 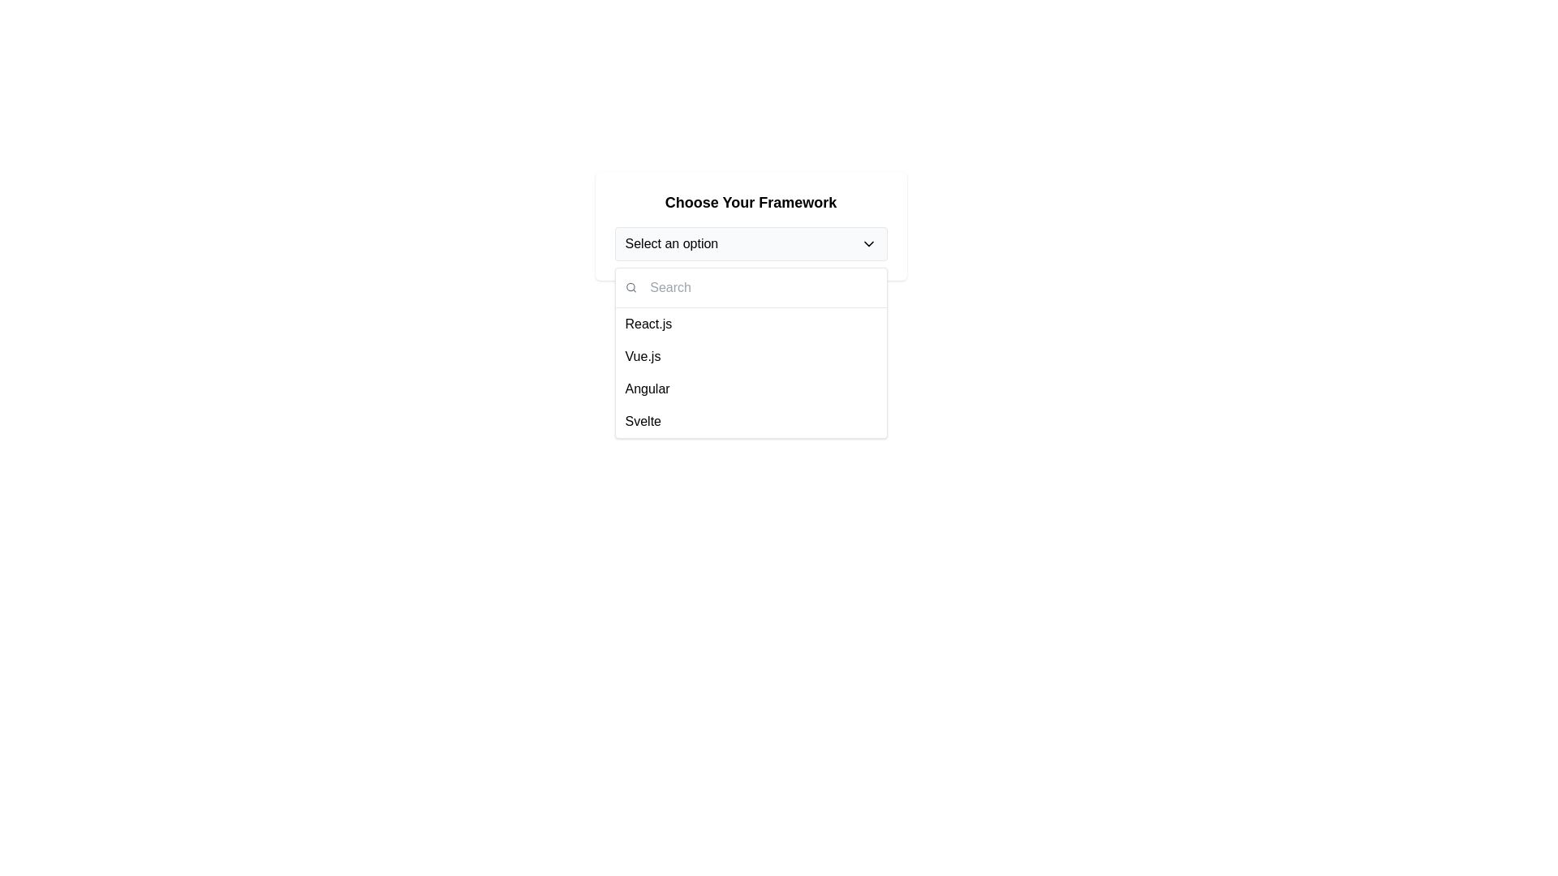 I want to click on the search icon located at the left end of the search input field, which serves as a visual indicator for the text field, so click(x=630, y=286).